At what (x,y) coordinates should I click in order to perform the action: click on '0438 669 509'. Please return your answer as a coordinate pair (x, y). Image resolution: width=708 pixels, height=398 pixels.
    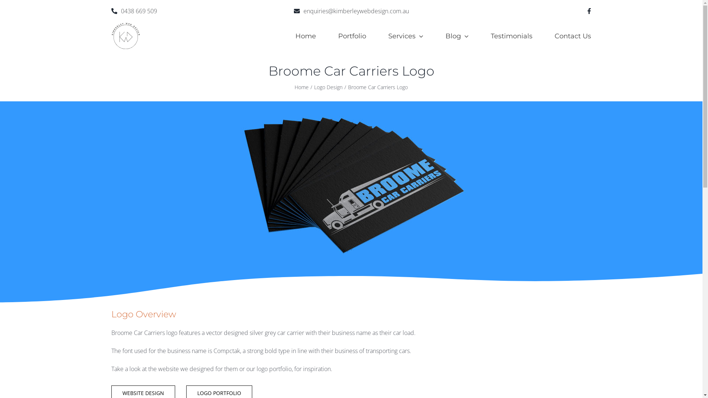
    Looking at the image, I should click on (134, 11).